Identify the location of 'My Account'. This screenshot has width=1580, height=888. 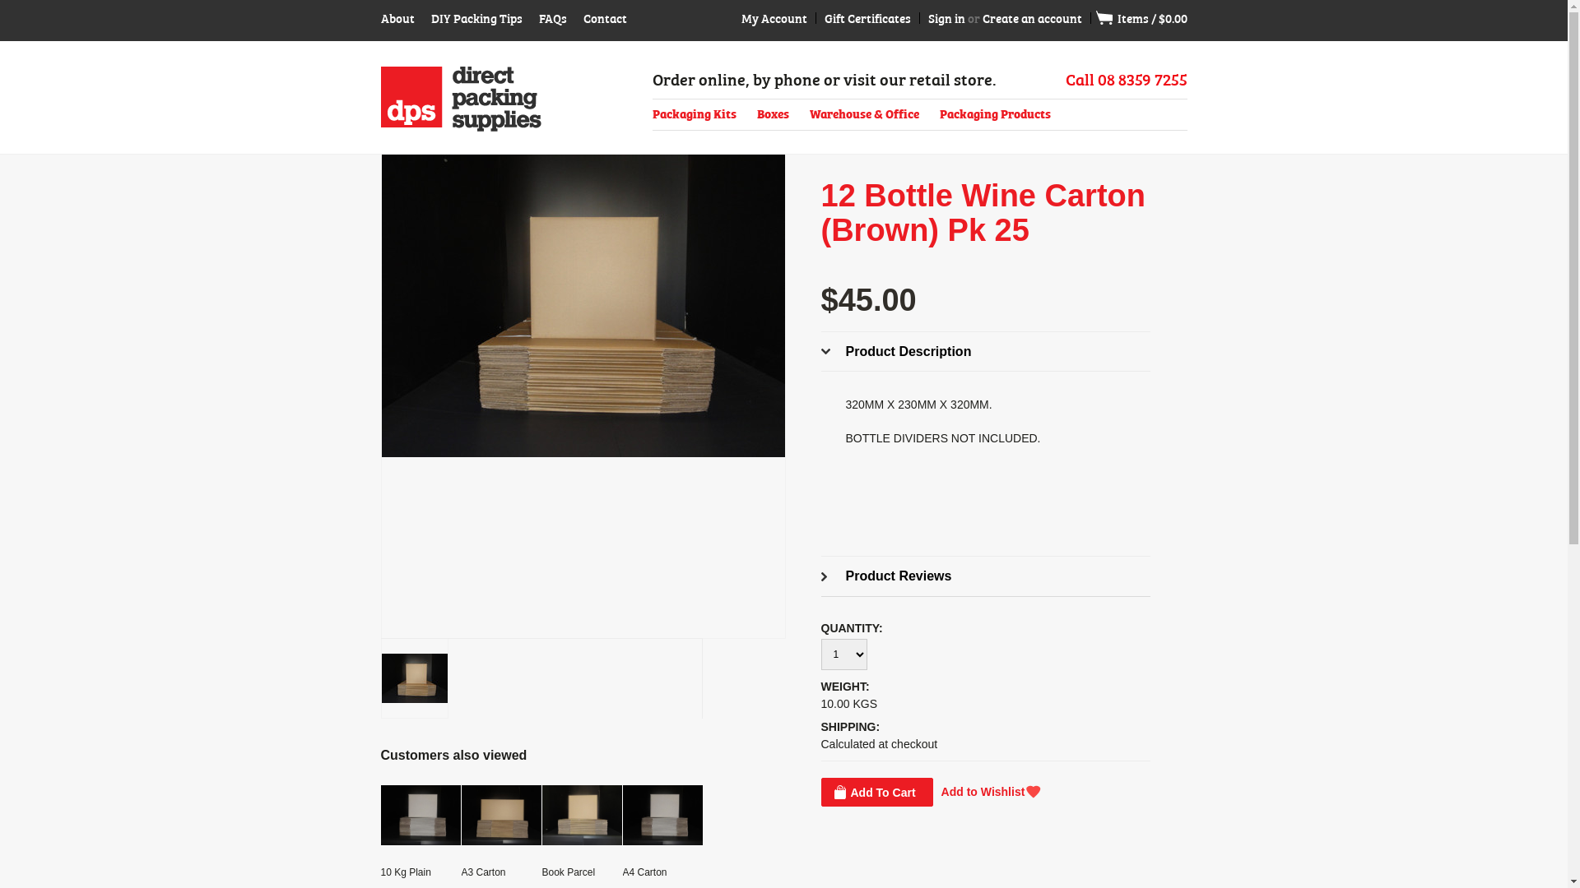
(773, 18).